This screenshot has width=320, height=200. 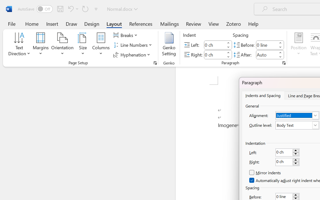 What do you see at coordinates (133, 45) in the screenshot?
I see `'Line Numbers'` at bounding box center [133, 45].